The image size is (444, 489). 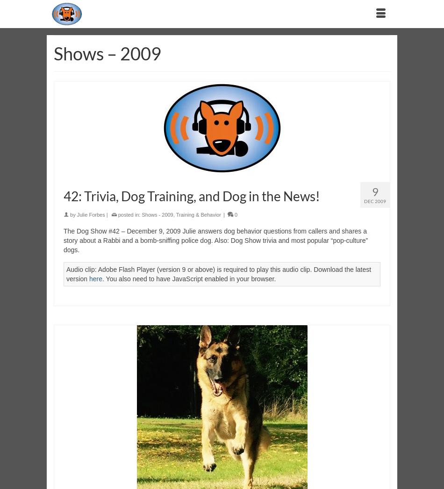 What do you see at coordinates (197, 214) in the screenshot?
I see `'Training & Behavior'` at bounding box center [197, 214].